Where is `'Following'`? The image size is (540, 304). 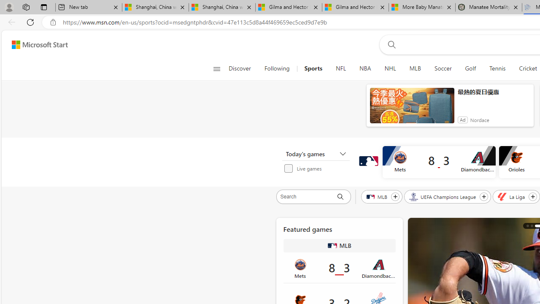 'Following' is located at coordinates (277, 68).